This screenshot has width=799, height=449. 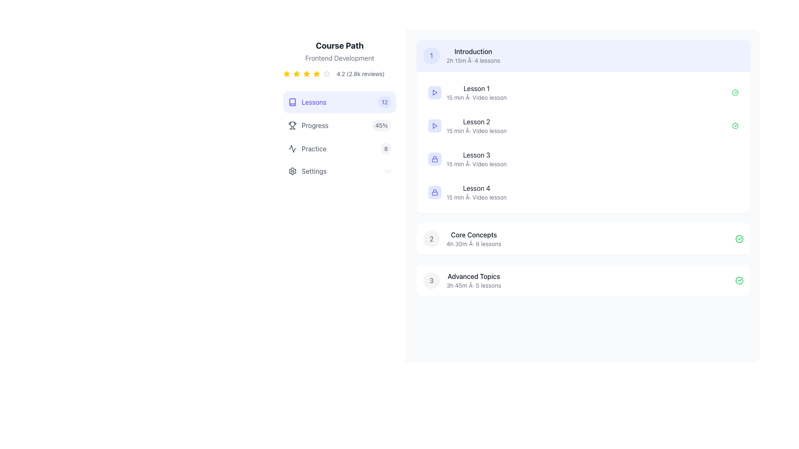 I want to click on the Rating display element that shows the average course rating and total reviews, located below the 'Frontend Development' text, so click(x=340, y=73).